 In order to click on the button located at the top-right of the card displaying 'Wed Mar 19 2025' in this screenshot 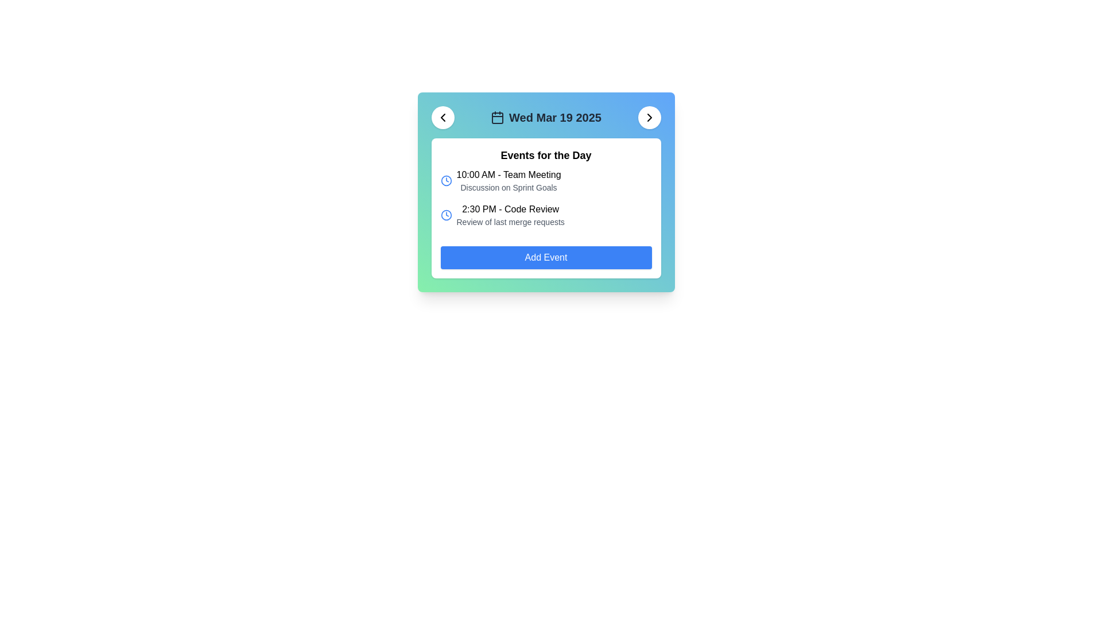, I will do `click(649, 117)`.